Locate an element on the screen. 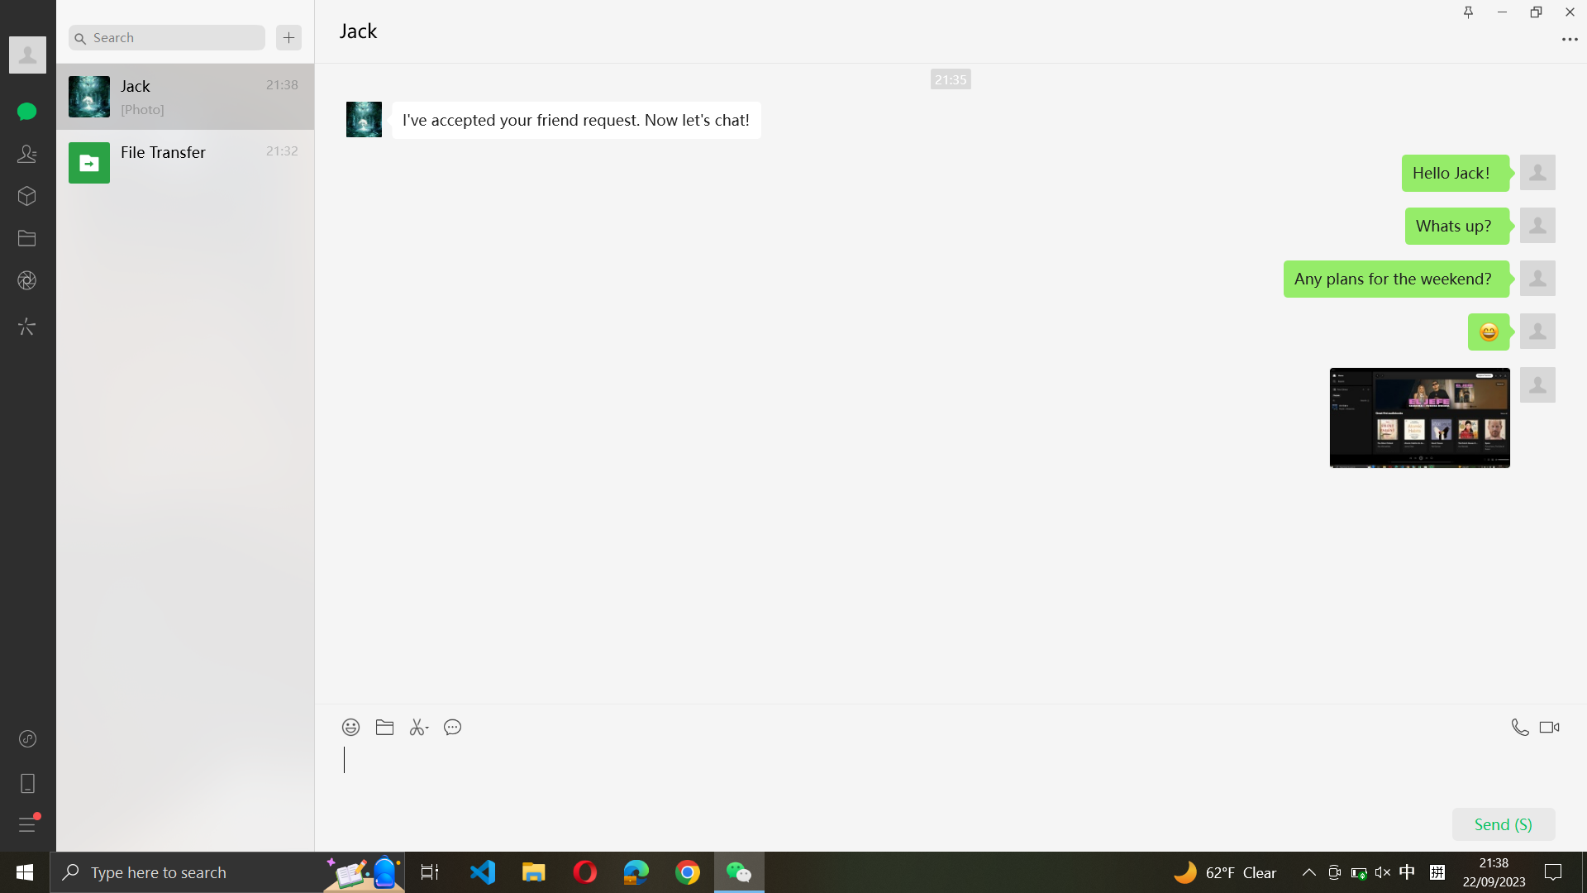 The width and height of the screenshot is (1587, 893). the mobile tab is located at coordinates (27, 781).